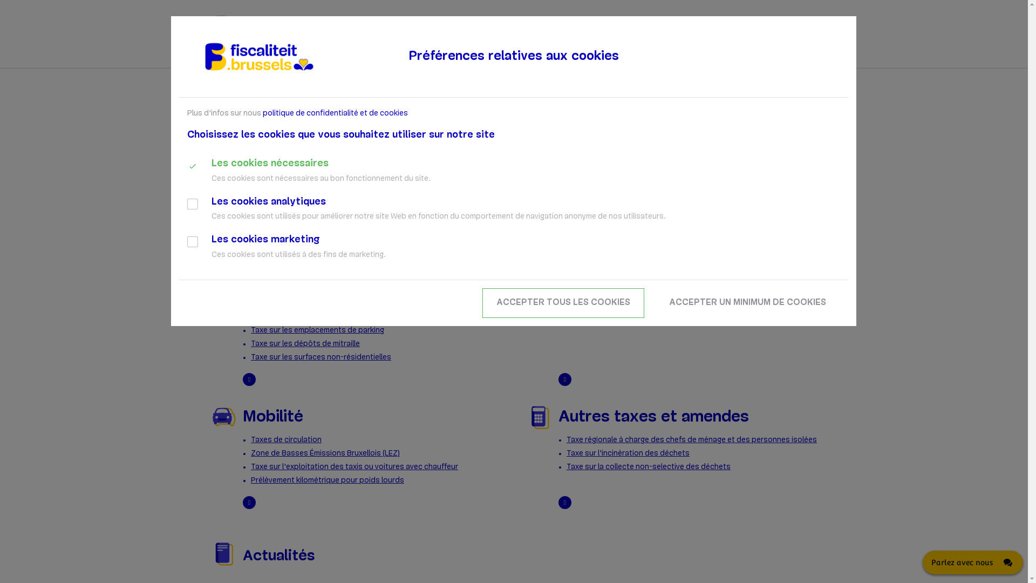 This screenshot has height=583, width=1036. I want to click on 'CONTACT', so click(805, 59).